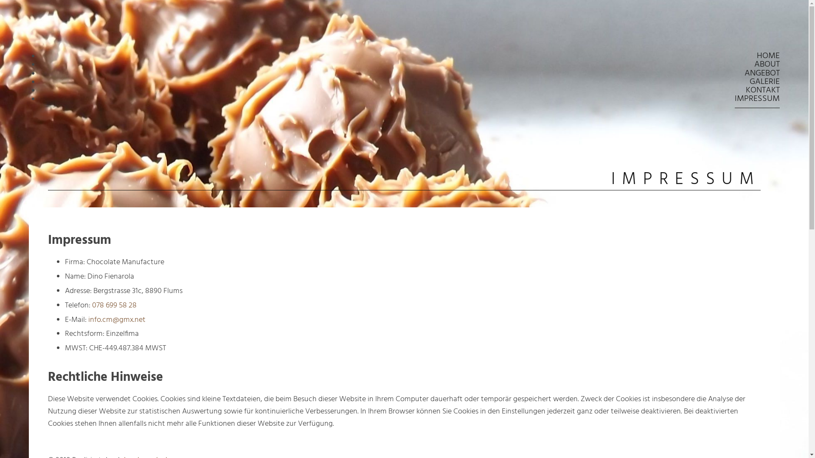 This screenshot has height=458, width=815. Describe the element at coordinates (762, 73) in the screenshot. I see `'ANGEBOT'` at that location.